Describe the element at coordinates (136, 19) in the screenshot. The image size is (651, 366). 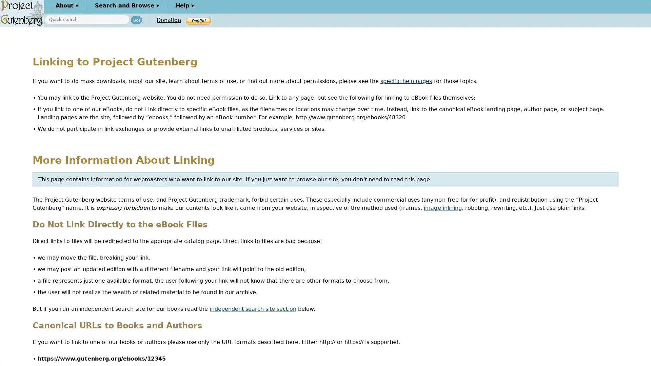
I see `Go!` at that location.